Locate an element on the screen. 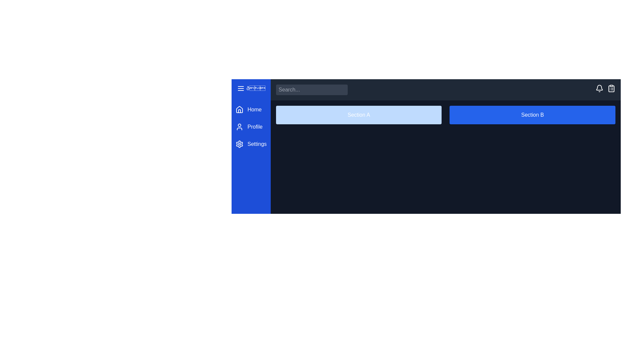 This screenshot has height=358, width=637. the bell icon located at the top-right corner of the interface is located at coordinates (599, 88).